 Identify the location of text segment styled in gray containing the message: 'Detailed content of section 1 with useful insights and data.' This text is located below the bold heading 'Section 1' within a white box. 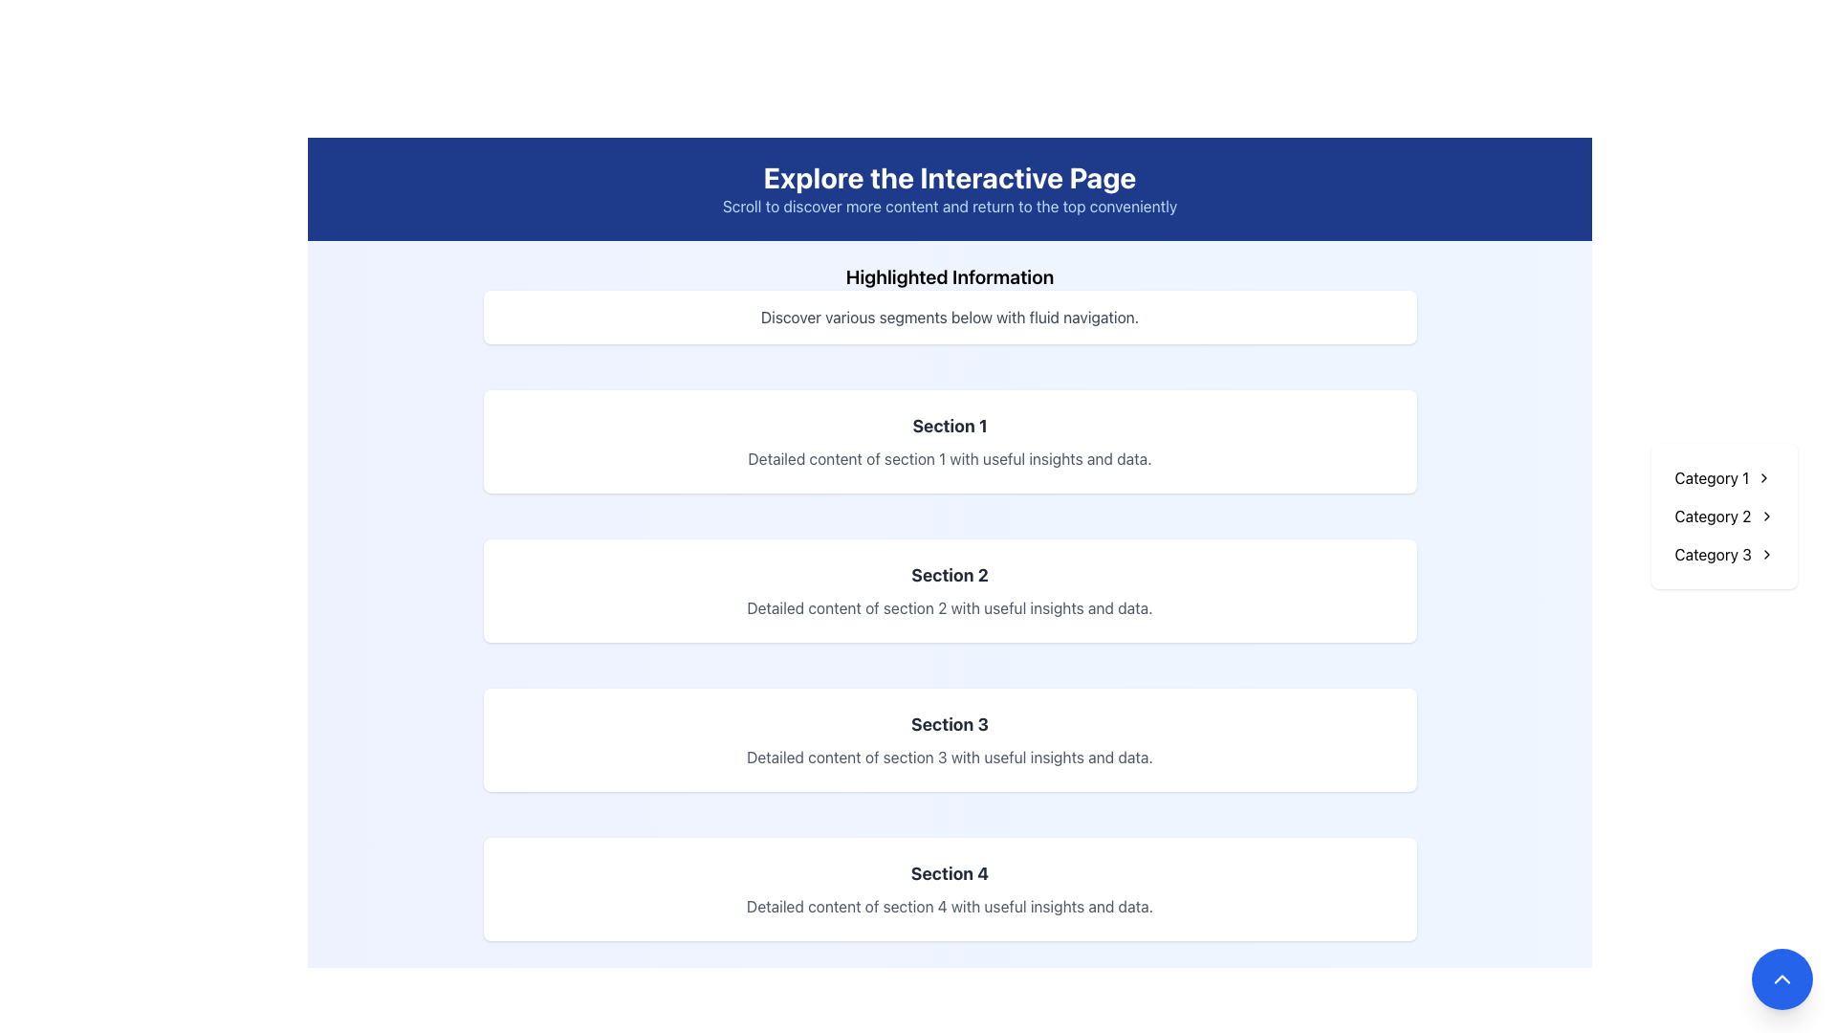
(950, 458).